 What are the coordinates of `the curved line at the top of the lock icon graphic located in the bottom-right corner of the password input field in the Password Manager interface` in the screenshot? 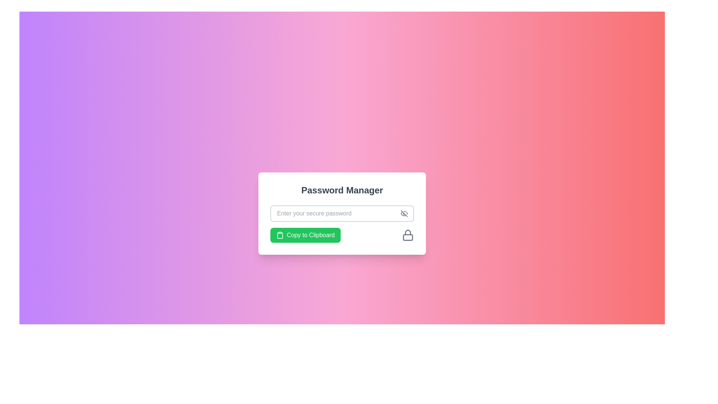 It's located at (407, 232).